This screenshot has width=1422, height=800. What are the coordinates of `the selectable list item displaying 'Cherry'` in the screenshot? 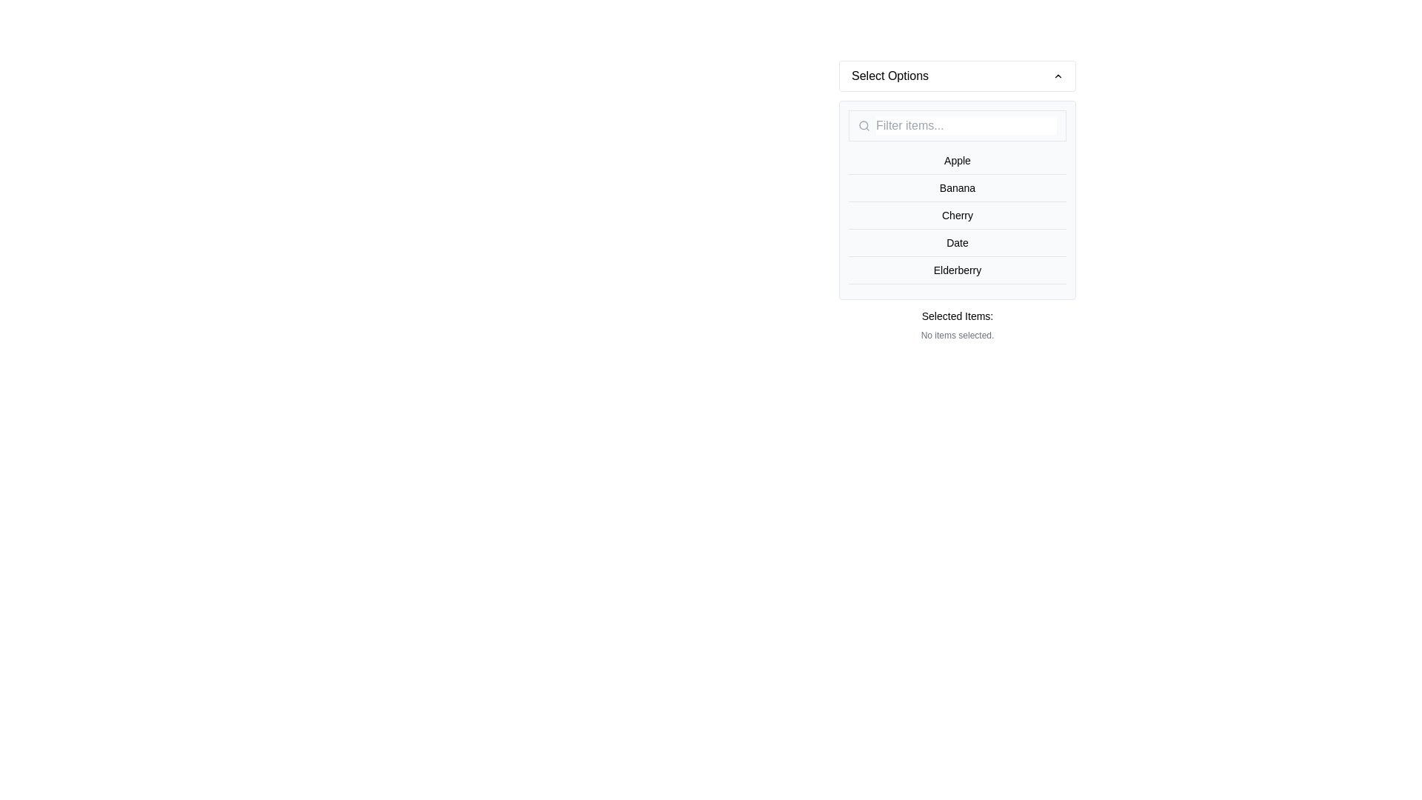 It's located at (957, 215).